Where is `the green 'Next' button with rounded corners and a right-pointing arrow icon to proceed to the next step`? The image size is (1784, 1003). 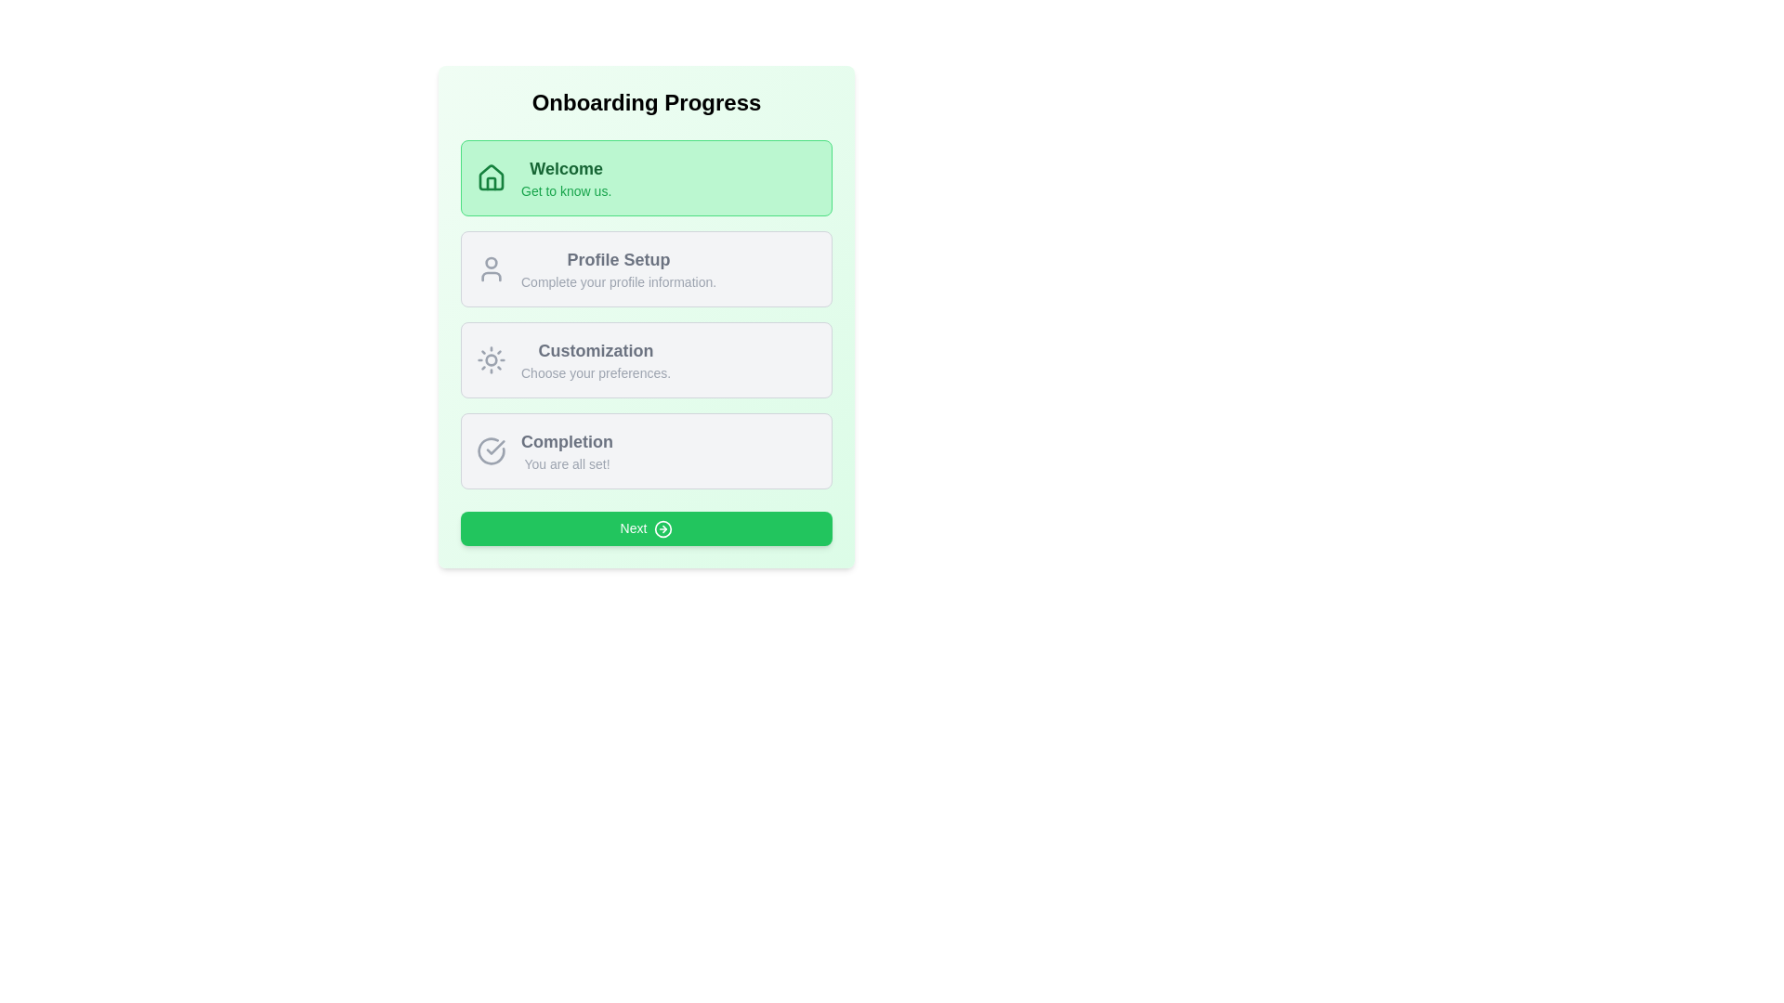 the green 'Next' button with rounded corners and a right-pointing arrow icon to proceed to the next step is located at coordinates (647, 528).